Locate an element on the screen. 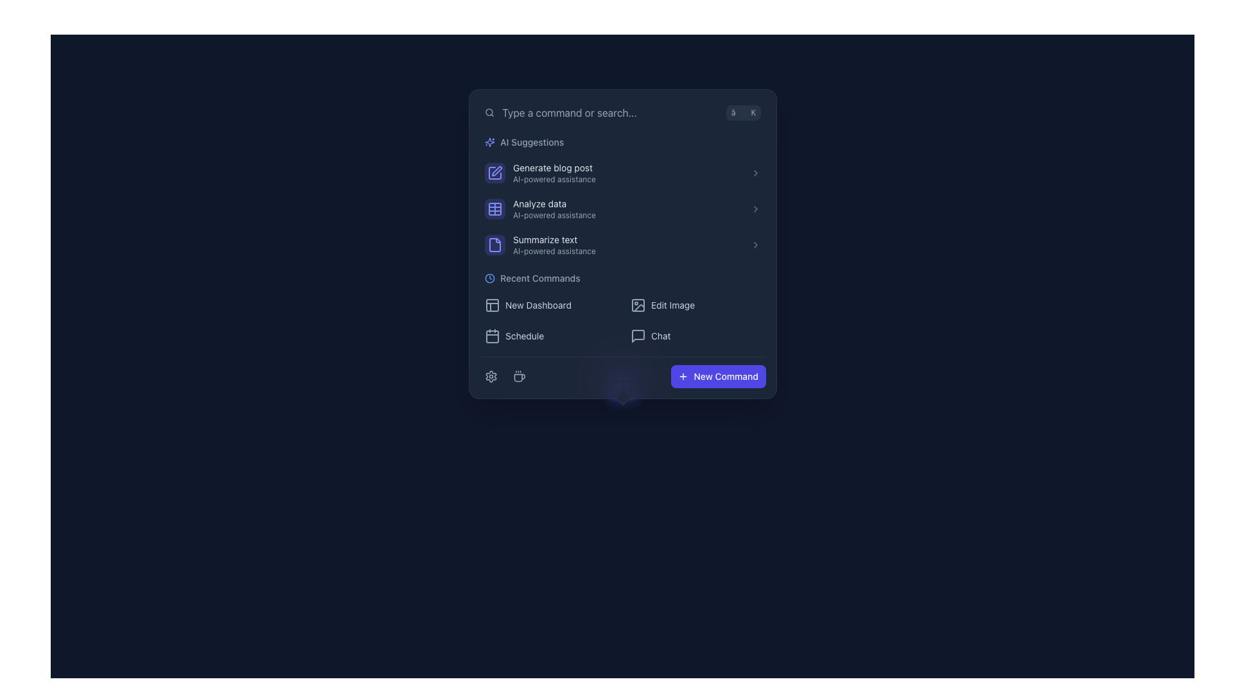  the 'AI Suggestions' label, which is a smaller font size text in light slate gray color, located in the top section of a sidebar next to a sparkle icon is located at coordinates (532, 142).